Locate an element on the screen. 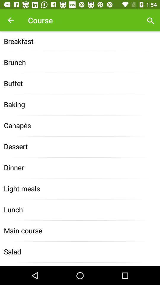 This screenshot has width=160, height=285. main course is located at coordinates (80, 231).